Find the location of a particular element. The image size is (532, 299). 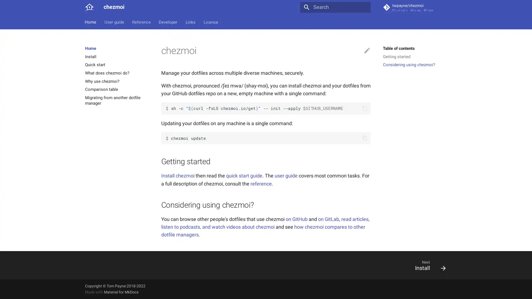

Copy to clipboard is located at coordinates (364, 138).